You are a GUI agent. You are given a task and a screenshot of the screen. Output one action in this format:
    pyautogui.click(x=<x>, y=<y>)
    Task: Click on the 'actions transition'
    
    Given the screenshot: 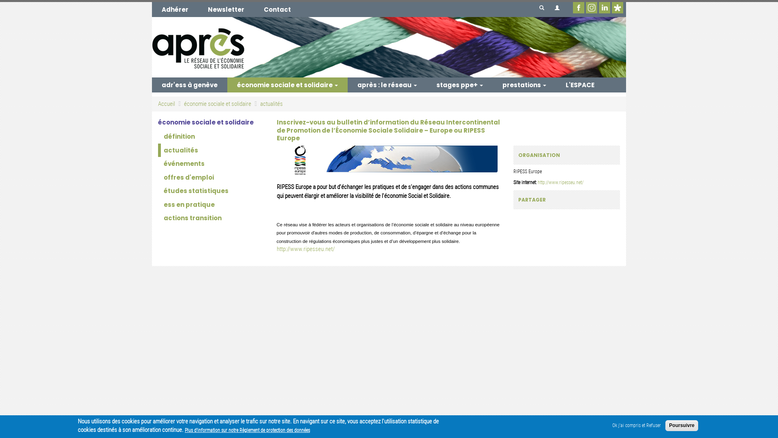 What is the action you would take?
    pyautogui.click(x=158, y=217)
    